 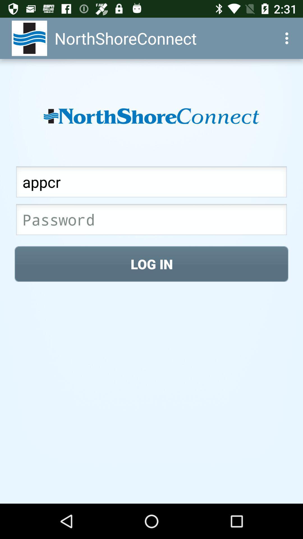 What do you see at coordinates (151, 221) in the screenshot?
I see `item below the appcr item` at bounding box center [151, 221].